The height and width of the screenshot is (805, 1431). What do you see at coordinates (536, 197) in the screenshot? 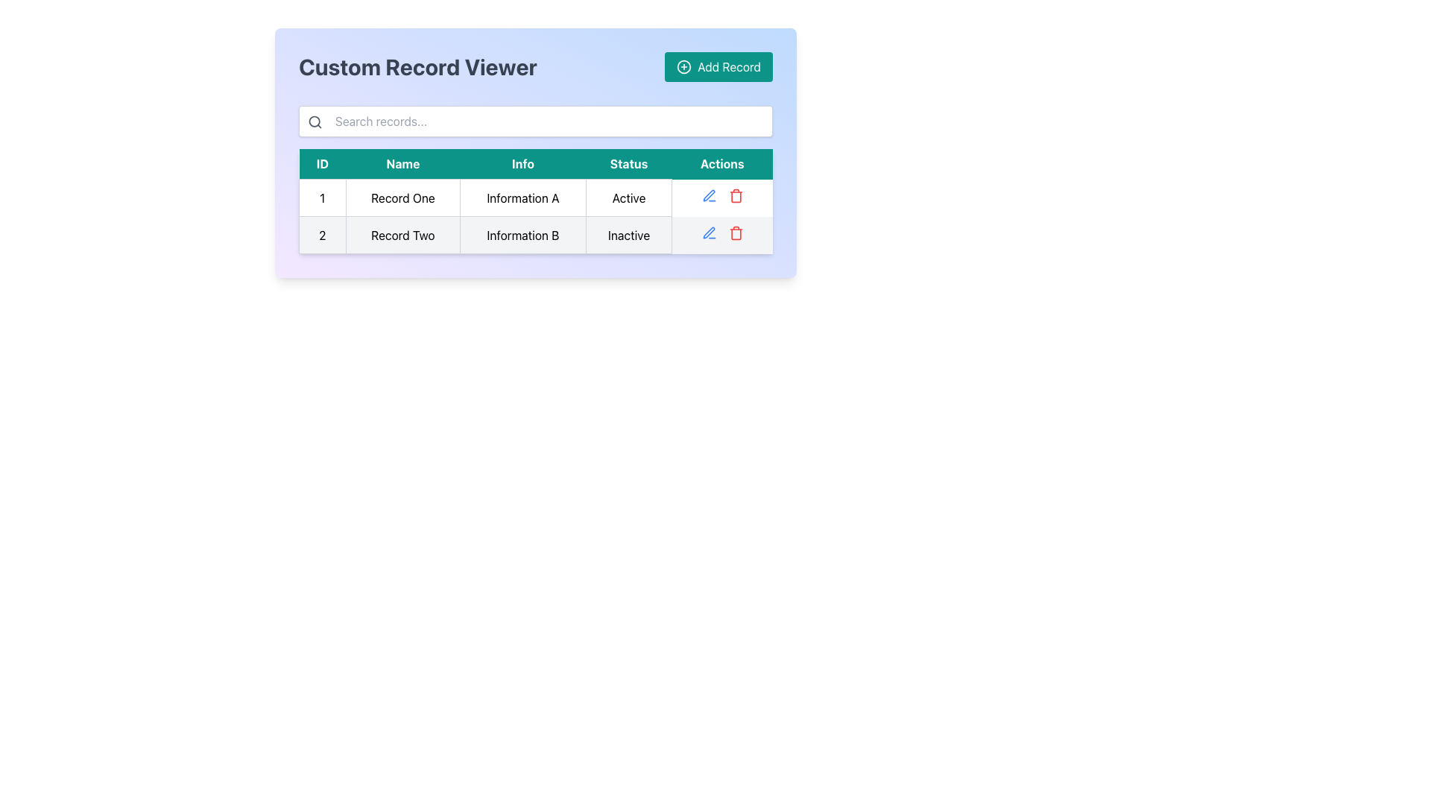
I see `the first row of the table that displays records, which contains the ID '1', name 'Record One', additional details 'Information A', and status 'Active'` at bounding box center [536, 197].